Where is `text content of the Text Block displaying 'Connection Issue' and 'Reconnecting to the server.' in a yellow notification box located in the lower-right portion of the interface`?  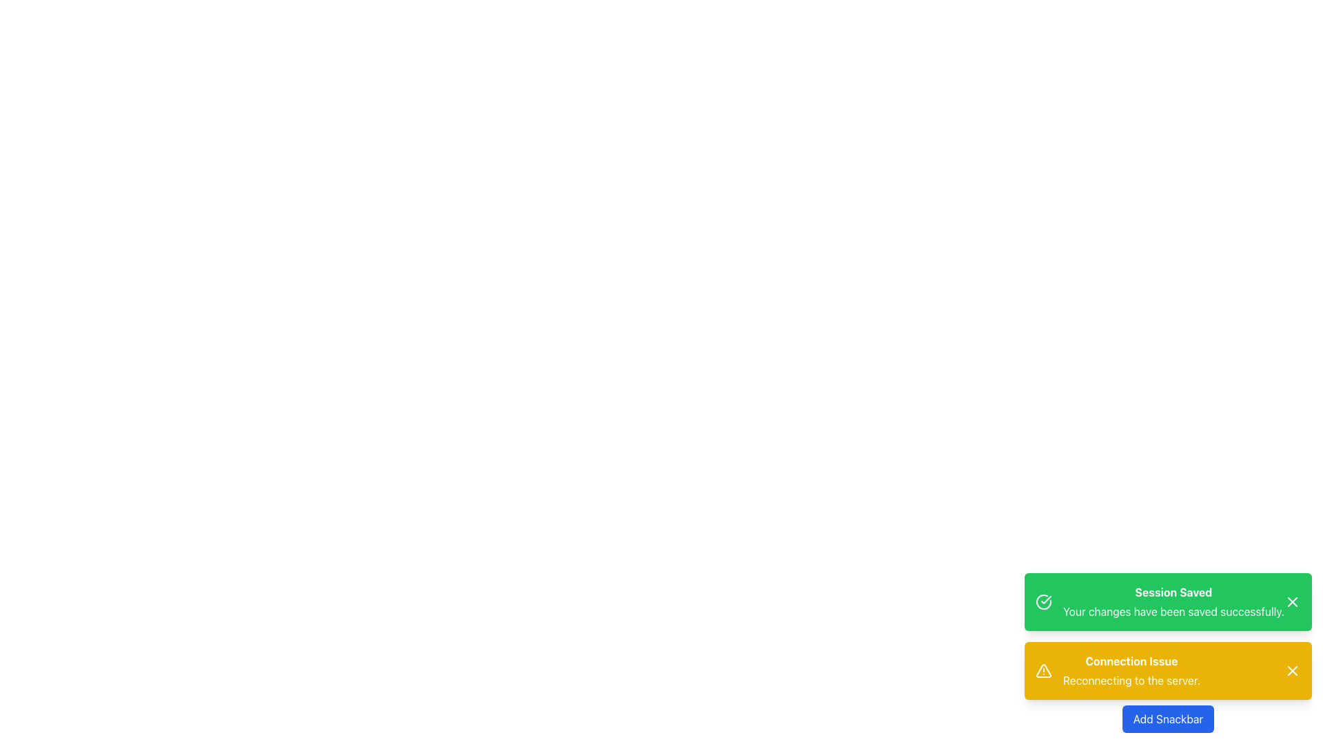
text content of the Text Block displaying 'Connection Issue' and 'Reconnecting to the server.' in a yellow notification box located in the lower-right portion of the interface is located at coordinates (1131, 670).